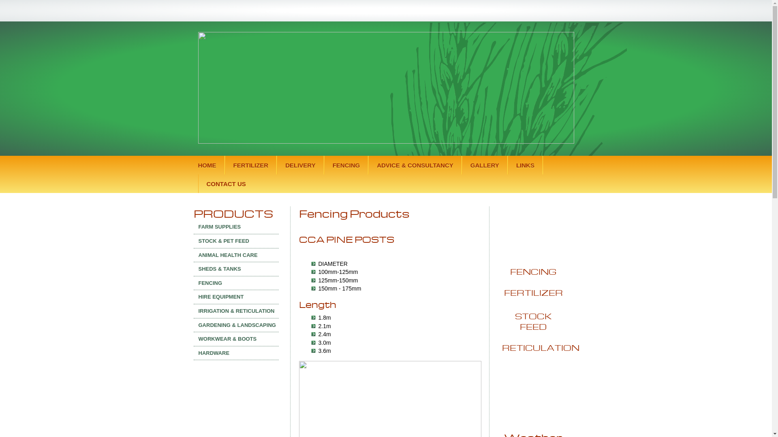  I want to click on 'HOME', so click(211, 165).